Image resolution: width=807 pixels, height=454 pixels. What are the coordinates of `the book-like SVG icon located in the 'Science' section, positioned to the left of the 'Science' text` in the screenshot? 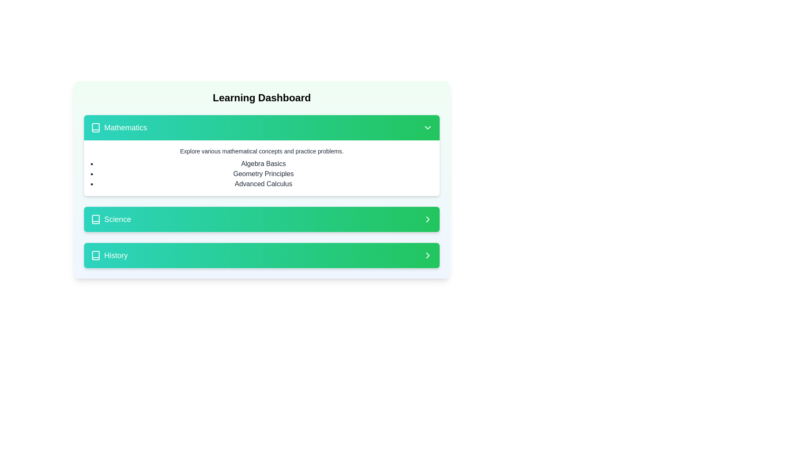 It's located at (95, 219).